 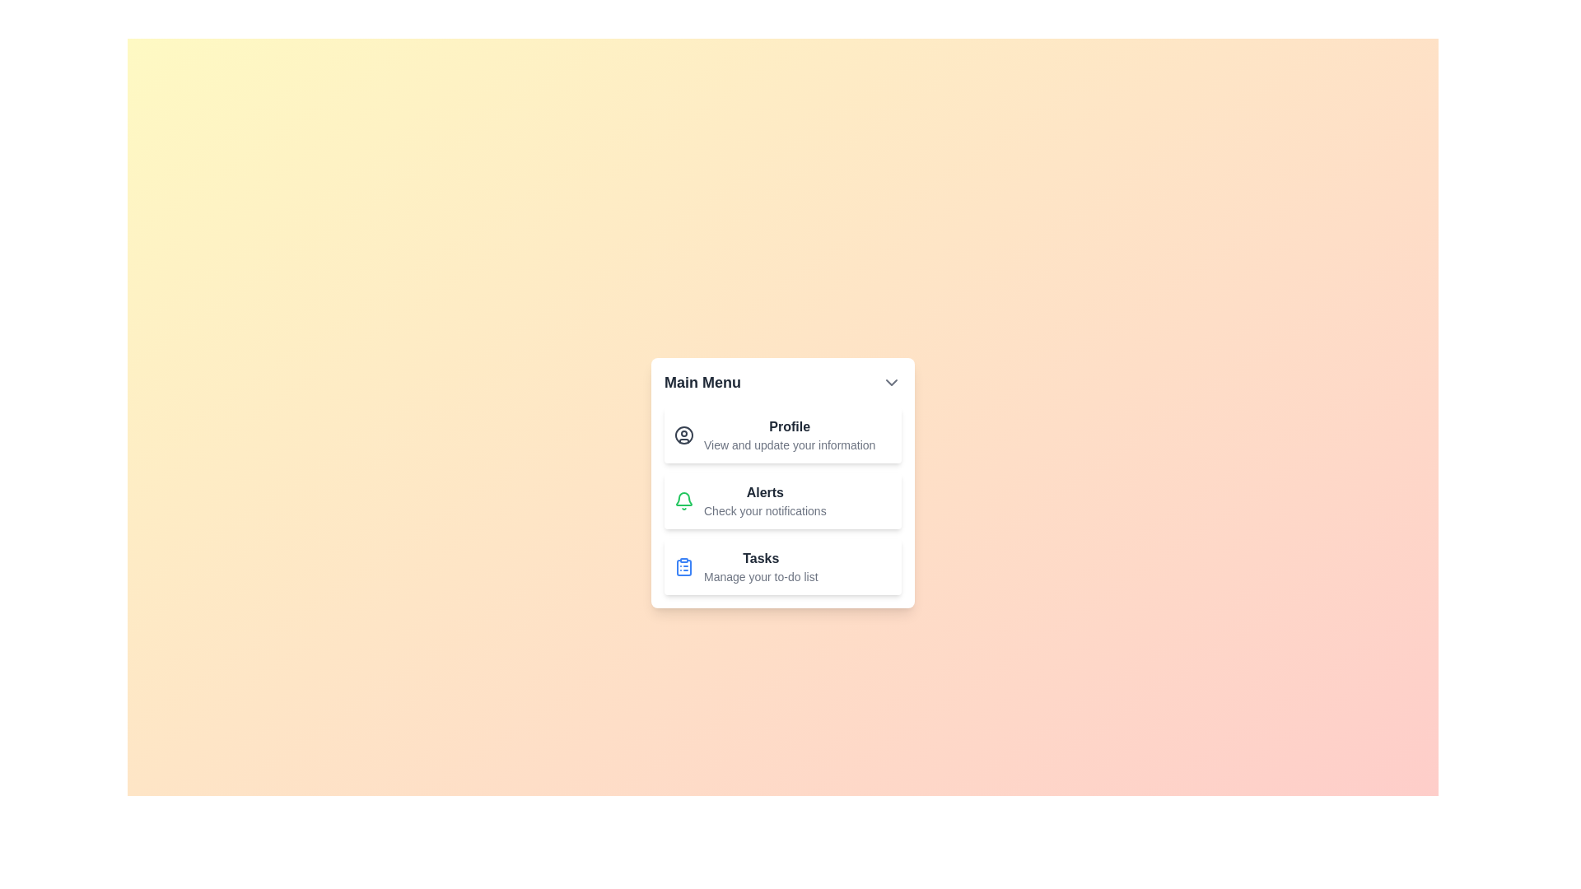 What do you see at coordinates (781, 434) in the screenshot?
I see `the menu item 'Profile' to highlight it` at bounding box center [781, 434].